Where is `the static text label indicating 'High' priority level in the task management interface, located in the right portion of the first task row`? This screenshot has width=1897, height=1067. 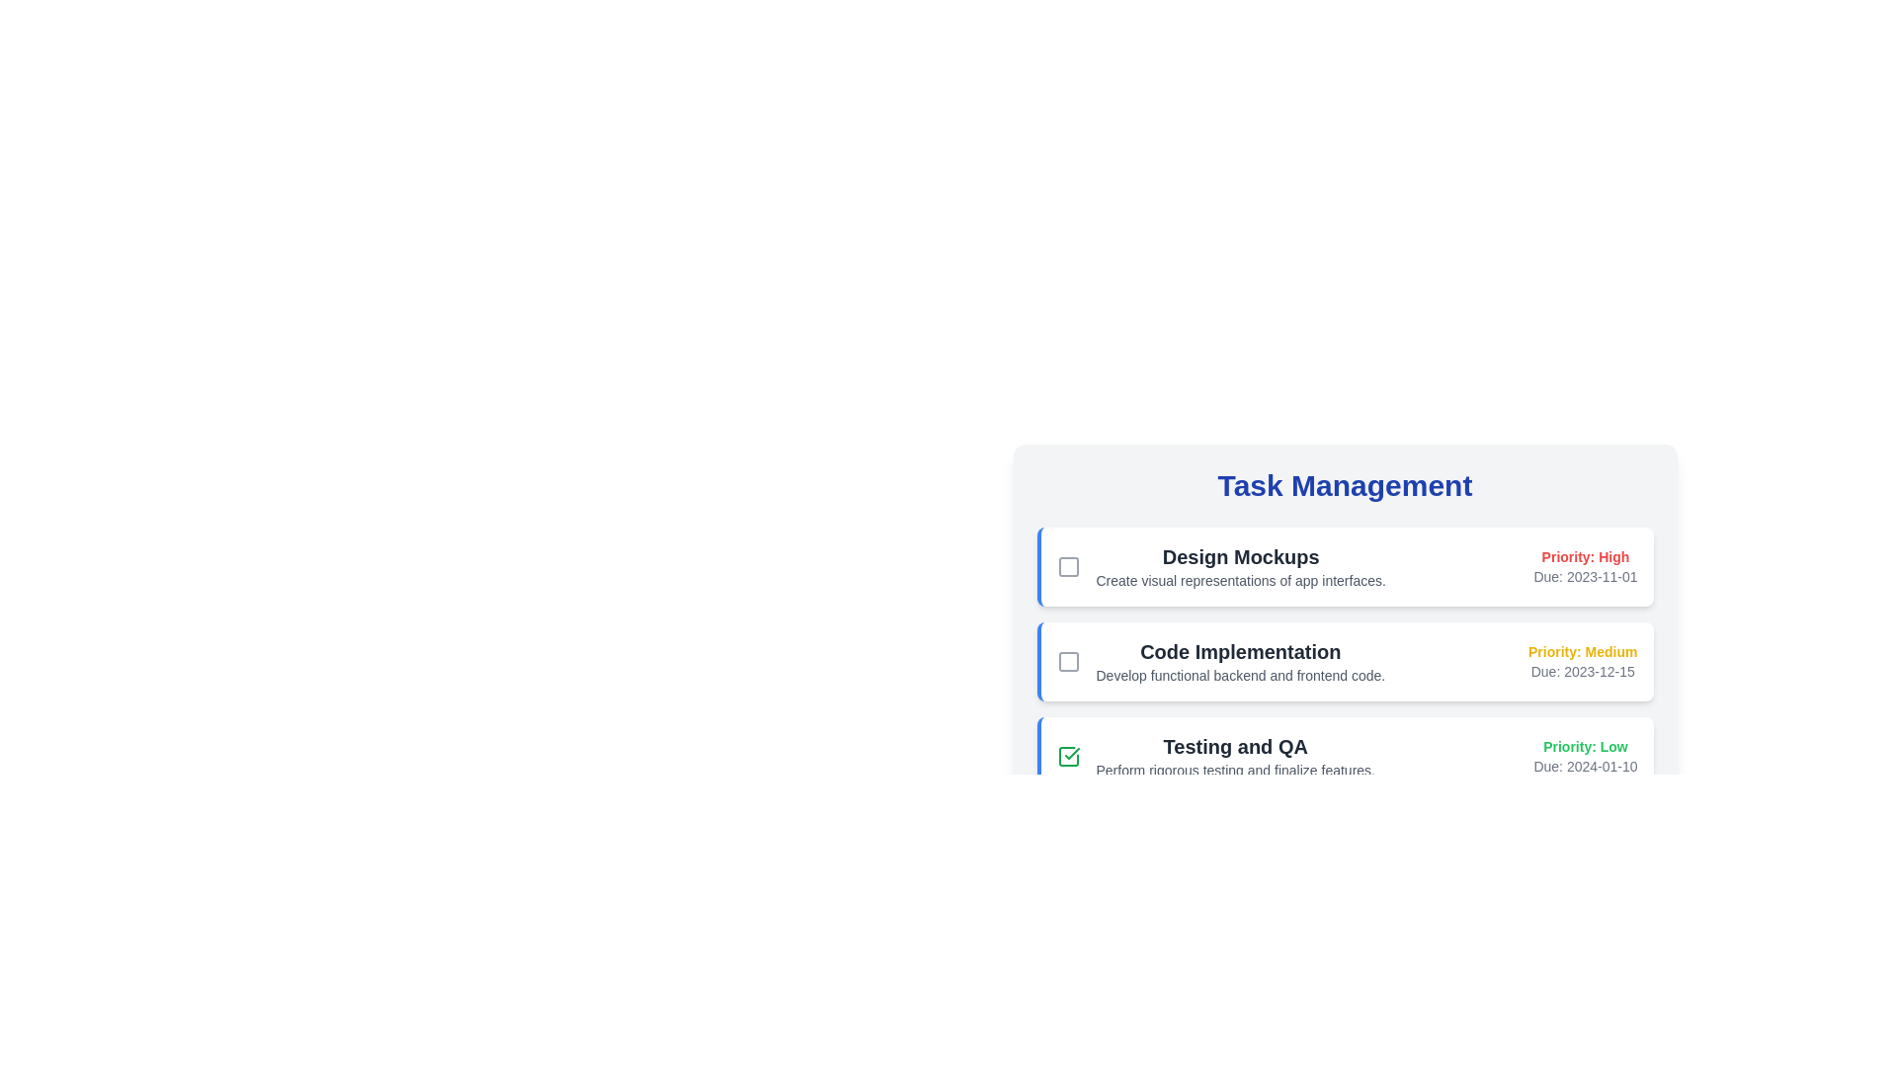 the static text label indicating 'High' priority level in the task management interface, located in the right portion of the first task row is located at coordinates (1585, 556).